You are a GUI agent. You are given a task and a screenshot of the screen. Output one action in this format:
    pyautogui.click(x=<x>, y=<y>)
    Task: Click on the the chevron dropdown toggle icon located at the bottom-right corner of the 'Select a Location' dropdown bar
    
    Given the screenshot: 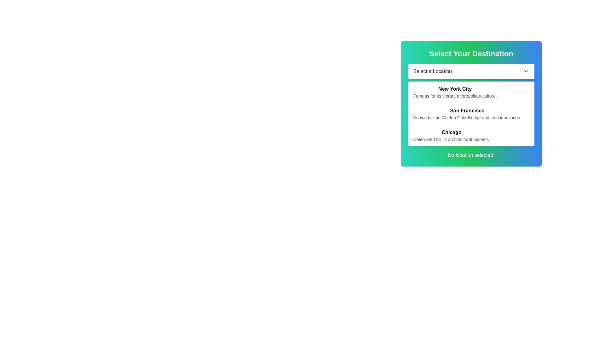 What is the action you would take?
    pyautogui.click(x=526, y=71)
    